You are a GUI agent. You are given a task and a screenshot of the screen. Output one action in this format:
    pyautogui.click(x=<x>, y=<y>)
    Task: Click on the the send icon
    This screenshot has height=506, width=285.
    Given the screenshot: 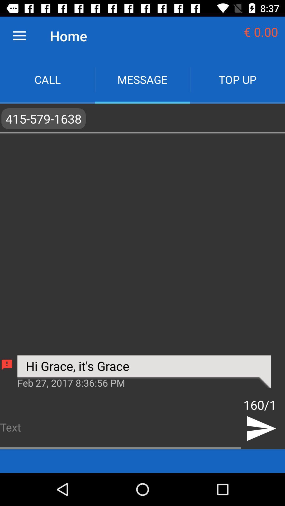 What is the action you would take?
    pyautogui.click(x=260, y=429)
    